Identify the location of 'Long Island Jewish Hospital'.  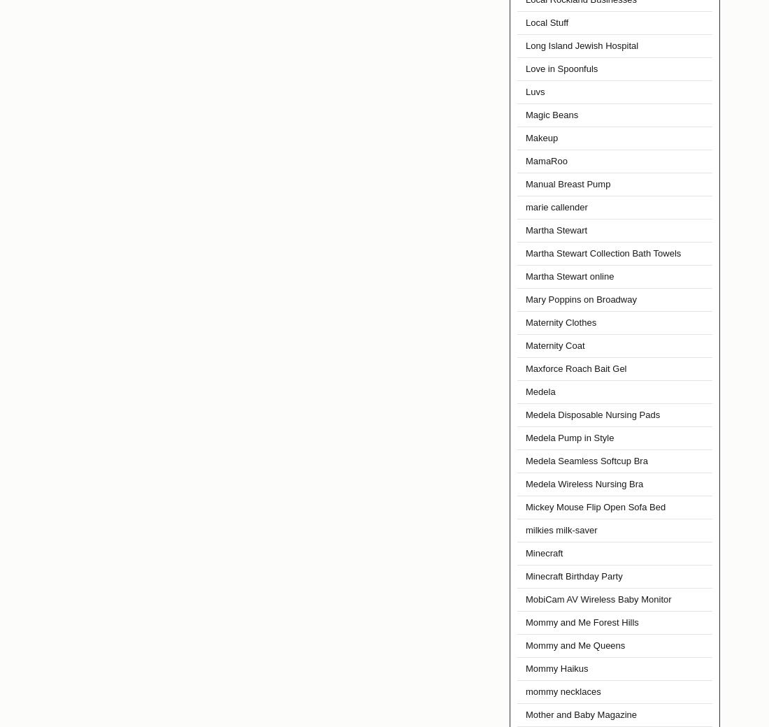
(524, 45).